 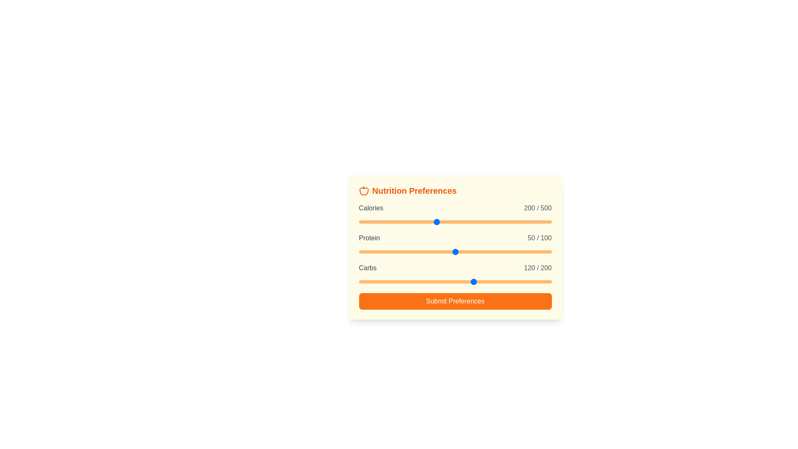 I want to click on the blue circular thumb of the second slider input located beneath the label 'Protein 50 / 100' in the 'Nutrition Preferences' section, so click(x=455, y=251).